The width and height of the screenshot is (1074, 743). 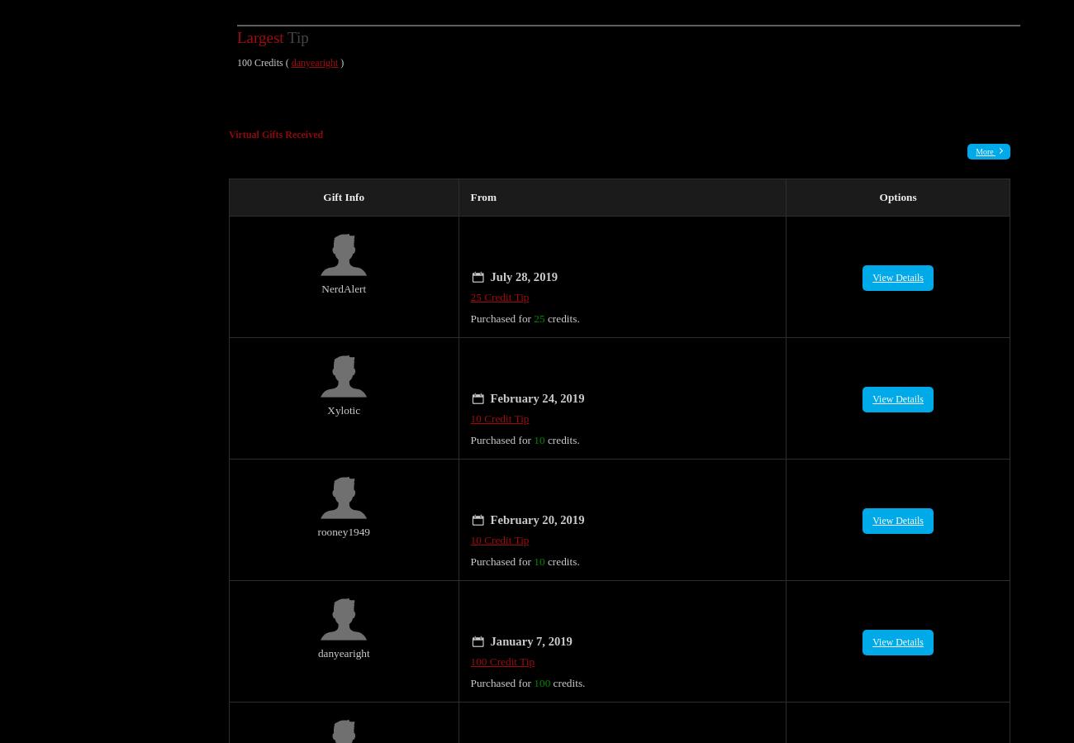 I want to click on 'Xylotic', so click(x=344, y=392).